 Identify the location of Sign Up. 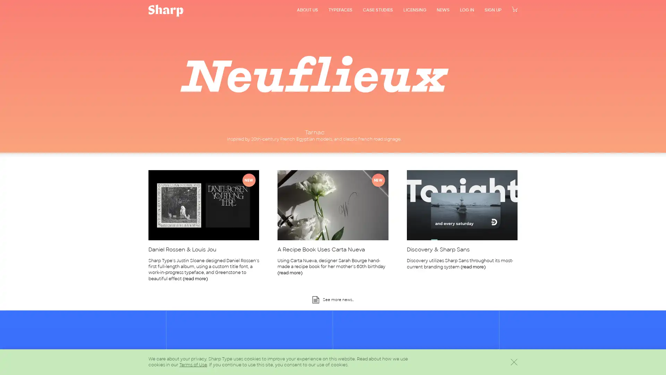
(639, 338).